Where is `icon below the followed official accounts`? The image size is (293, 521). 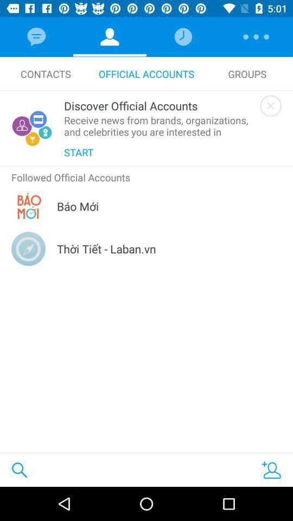
icon below the followed official accounts is located at coordinates (77, 206).